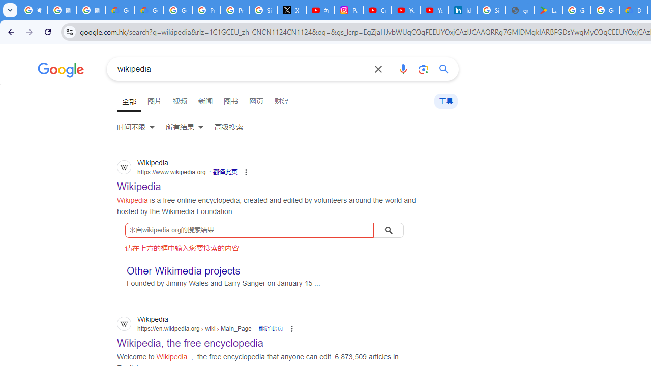 The height and width of the screenshot is (366, 651). I want to click on 'Sign in - Google Accounts', so click(491, 10).